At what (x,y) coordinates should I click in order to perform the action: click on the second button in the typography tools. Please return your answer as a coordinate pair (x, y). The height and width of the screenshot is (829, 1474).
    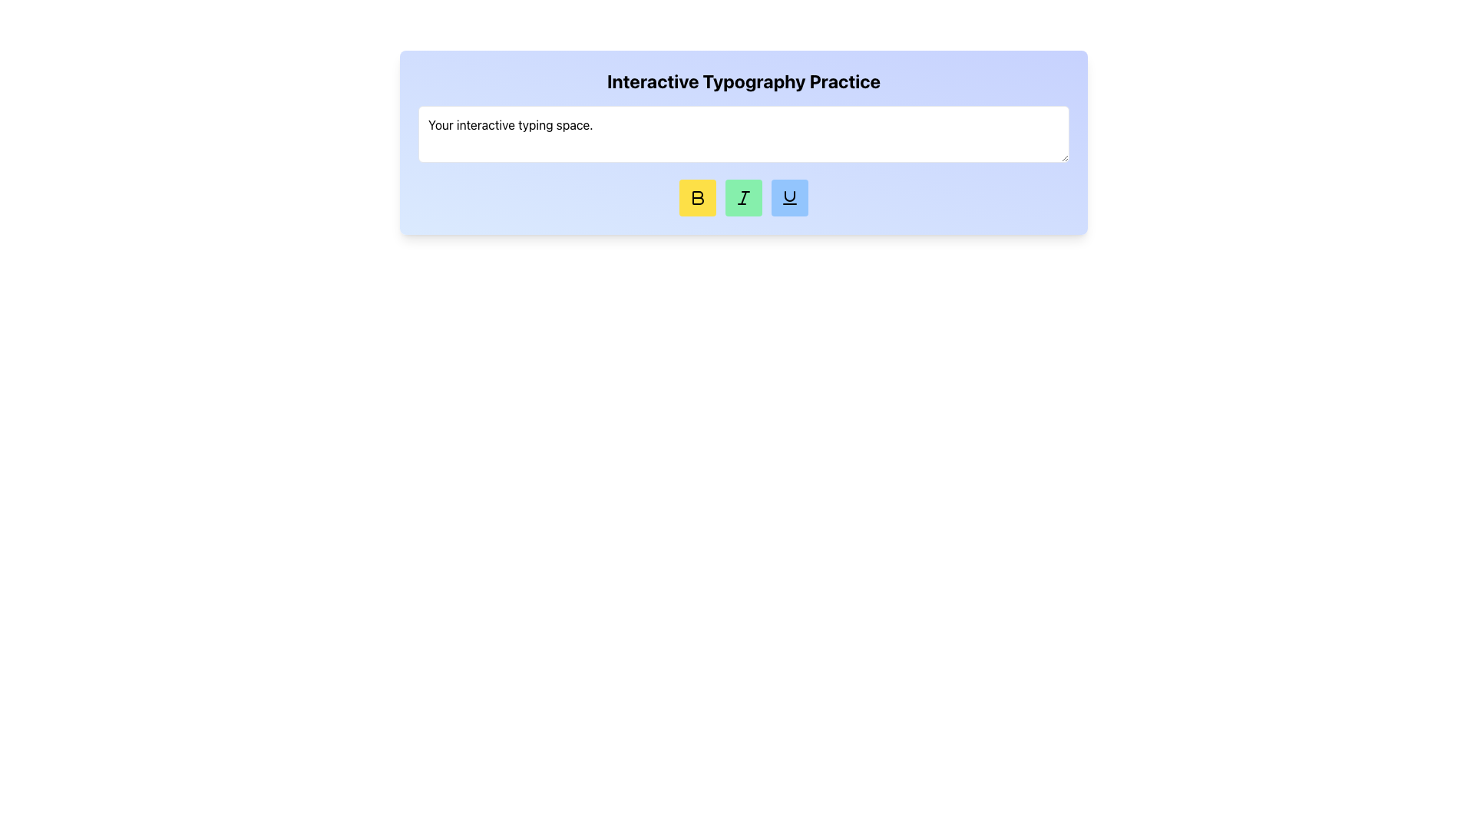
    Looking at the image, I should click on (744, 197).